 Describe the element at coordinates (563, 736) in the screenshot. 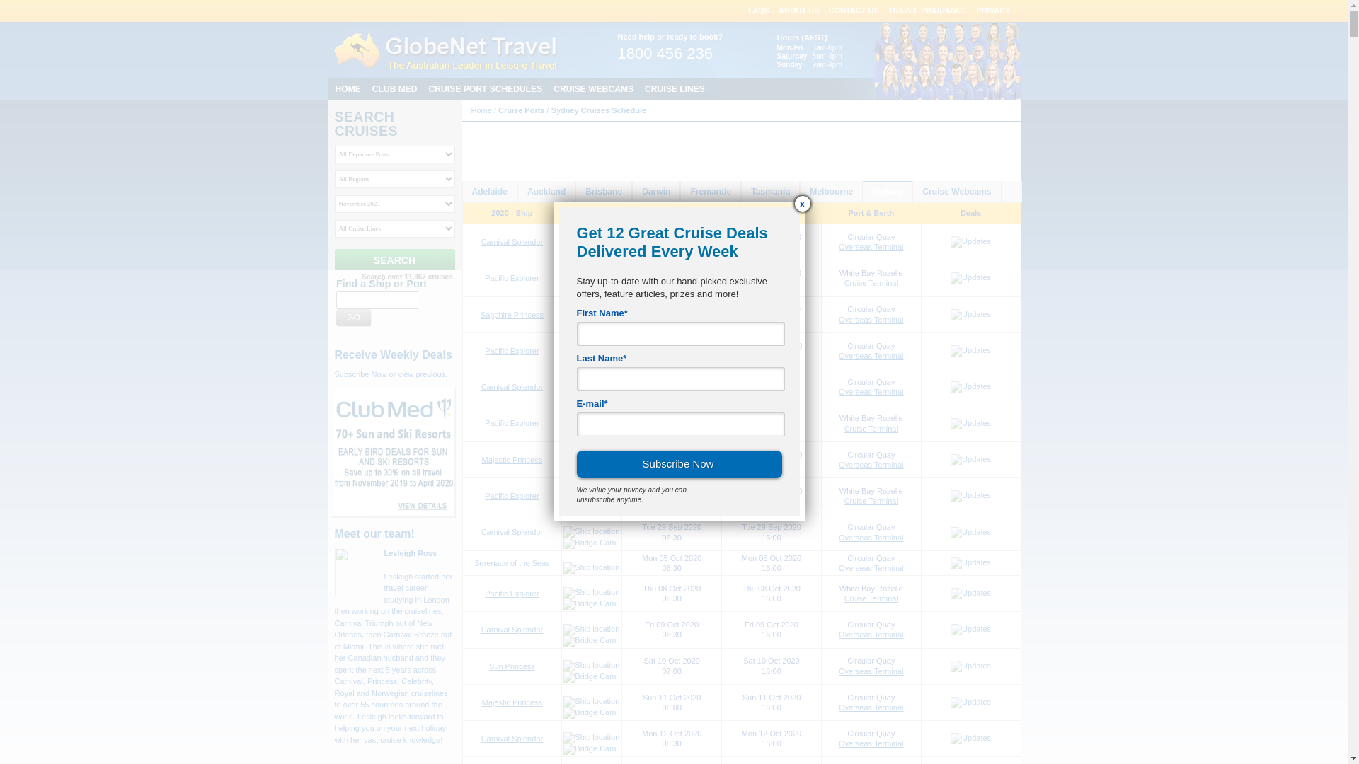

I see `'Ship location'` at that location.